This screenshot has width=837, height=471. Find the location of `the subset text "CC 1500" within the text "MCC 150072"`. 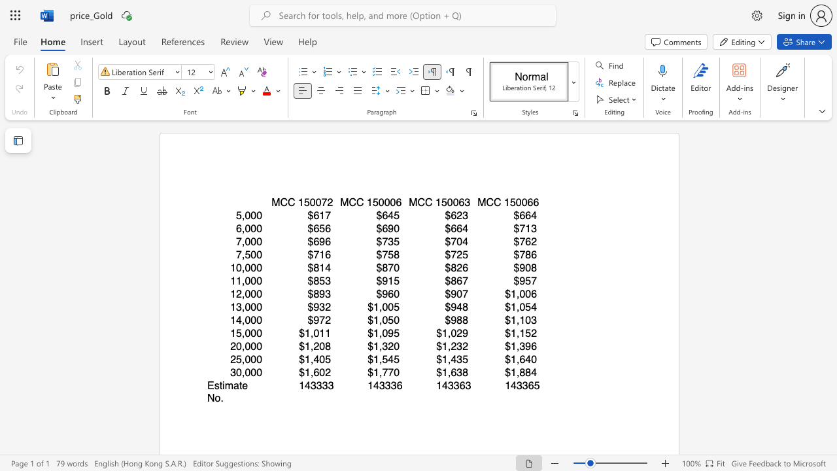

the subset text "CC 1500" within the text "MCC 150072" is located at coordinates (279, 202).